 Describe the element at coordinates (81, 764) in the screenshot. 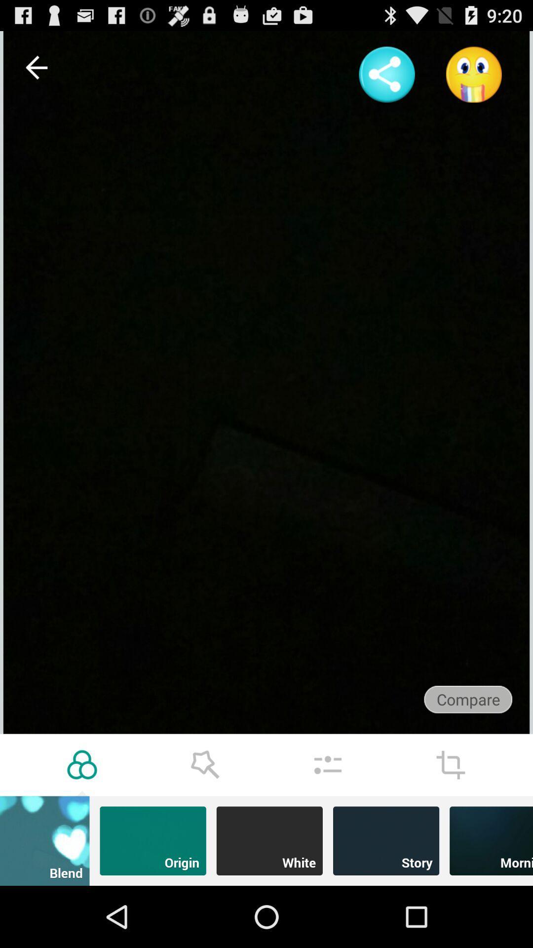

I see `choose filter` at that location.